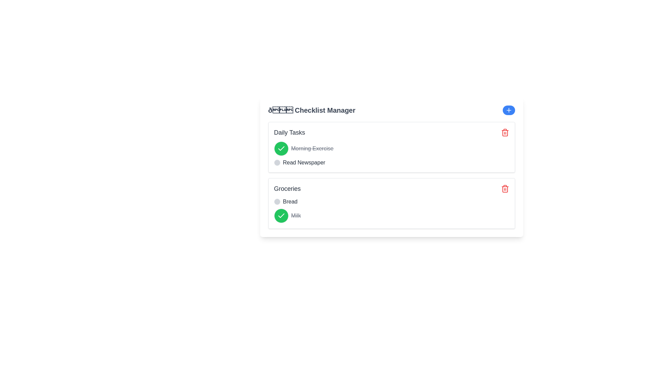 The image size is (658, 370). What do you see at coordinates (281, 215) in the screenshot?
I see `the circular green button with a white checkmark icon` at bounding box center [281, 215].